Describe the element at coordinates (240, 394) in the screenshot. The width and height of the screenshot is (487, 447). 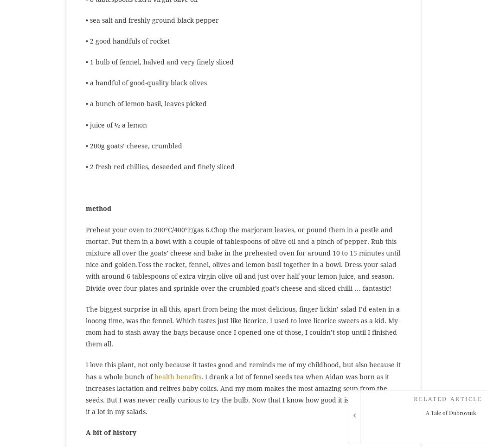
I see `'. I drank a lot of fennel seeds tea when Aidan was born as it increases lactation and relives baby colics. And my mom makes the most amazing soup from the seeds. But I was never really curious to try the bulb. Now that I know how good it is, I will be using it a lot in my salads.'` at that location.